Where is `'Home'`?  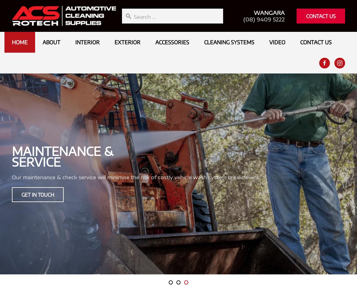
'Home' is located at coordinates (20, 42).